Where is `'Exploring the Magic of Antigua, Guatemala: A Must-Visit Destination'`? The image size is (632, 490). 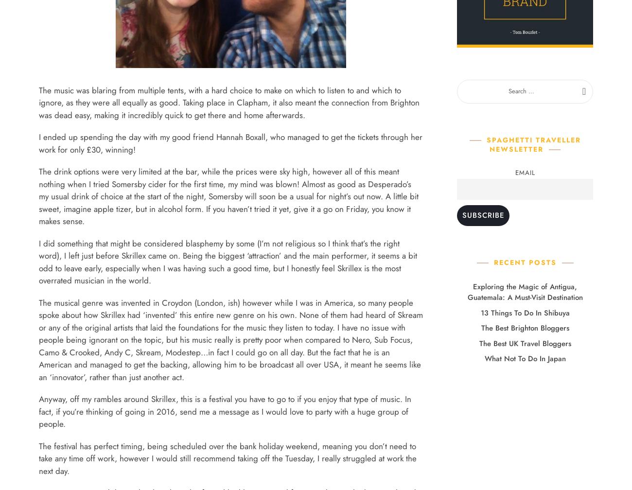 'Exploring the Magic of Antigua, Guatemala: A Must-Visit Destination' is located at coordinates (525, 292).